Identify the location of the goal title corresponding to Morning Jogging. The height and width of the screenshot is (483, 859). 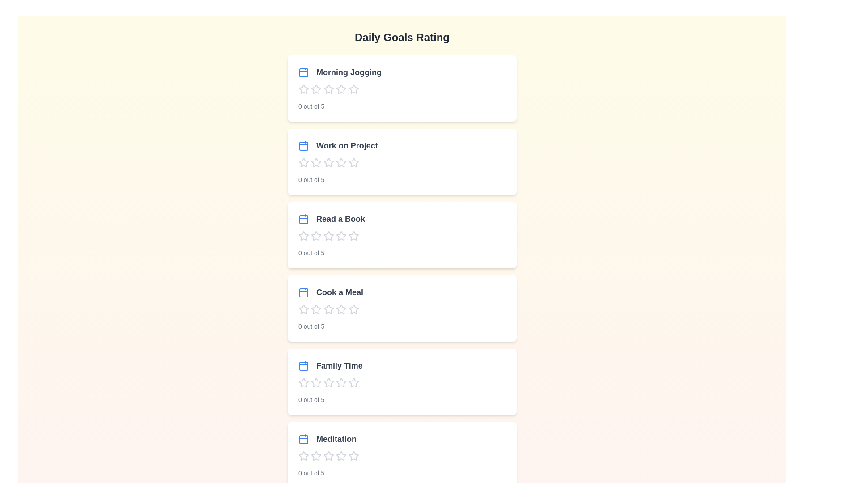
(339, 72).